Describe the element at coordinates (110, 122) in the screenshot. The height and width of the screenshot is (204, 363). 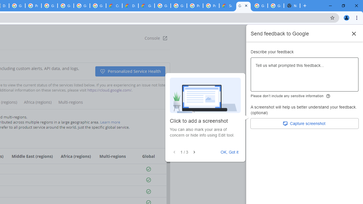
I see `'Learn more'` at that location.